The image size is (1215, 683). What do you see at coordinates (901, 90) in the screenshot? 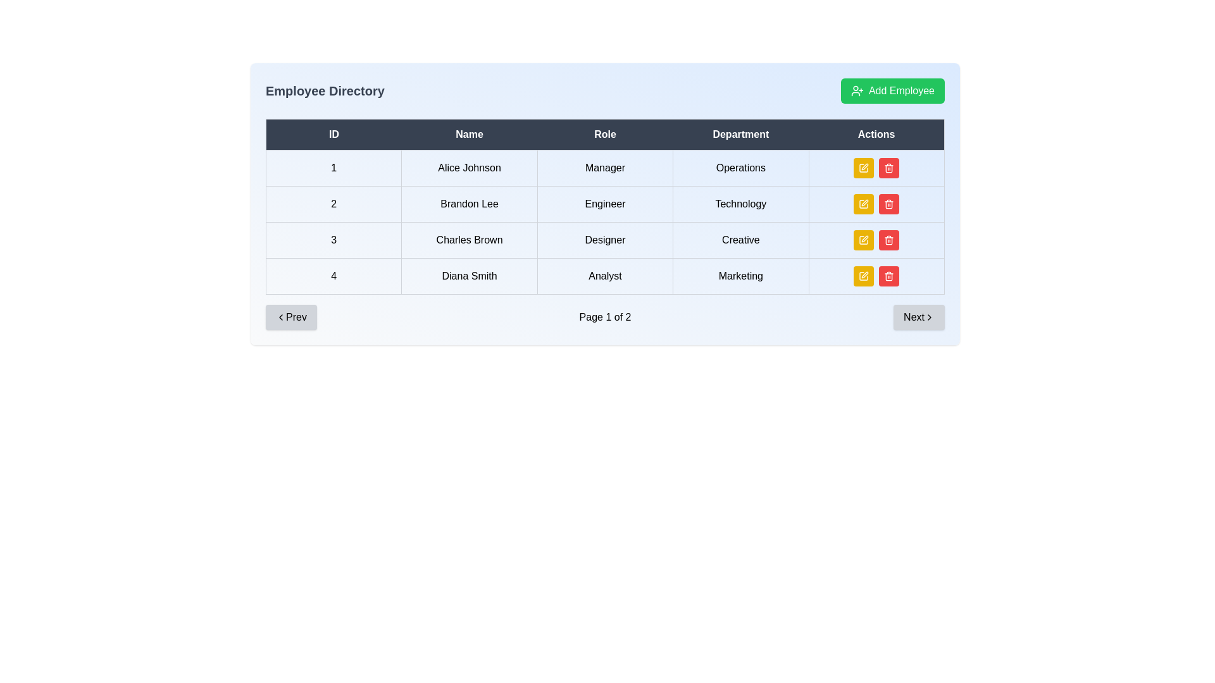
I see `the 'Add Employee' text label, which is styled in white font on a green rounded button located in the top-right corner of the employee list table header` at bounding box center [901, 90].